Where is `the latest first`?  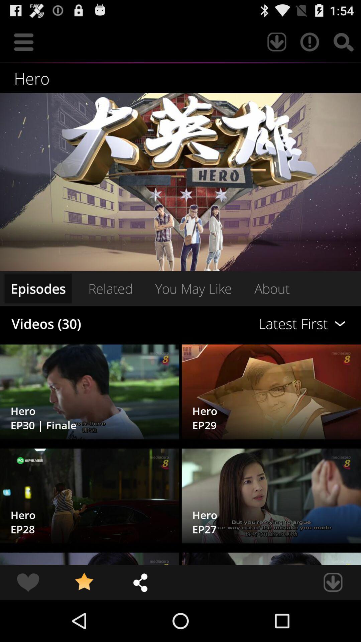 the latest first is located at coordinates (247, 324).